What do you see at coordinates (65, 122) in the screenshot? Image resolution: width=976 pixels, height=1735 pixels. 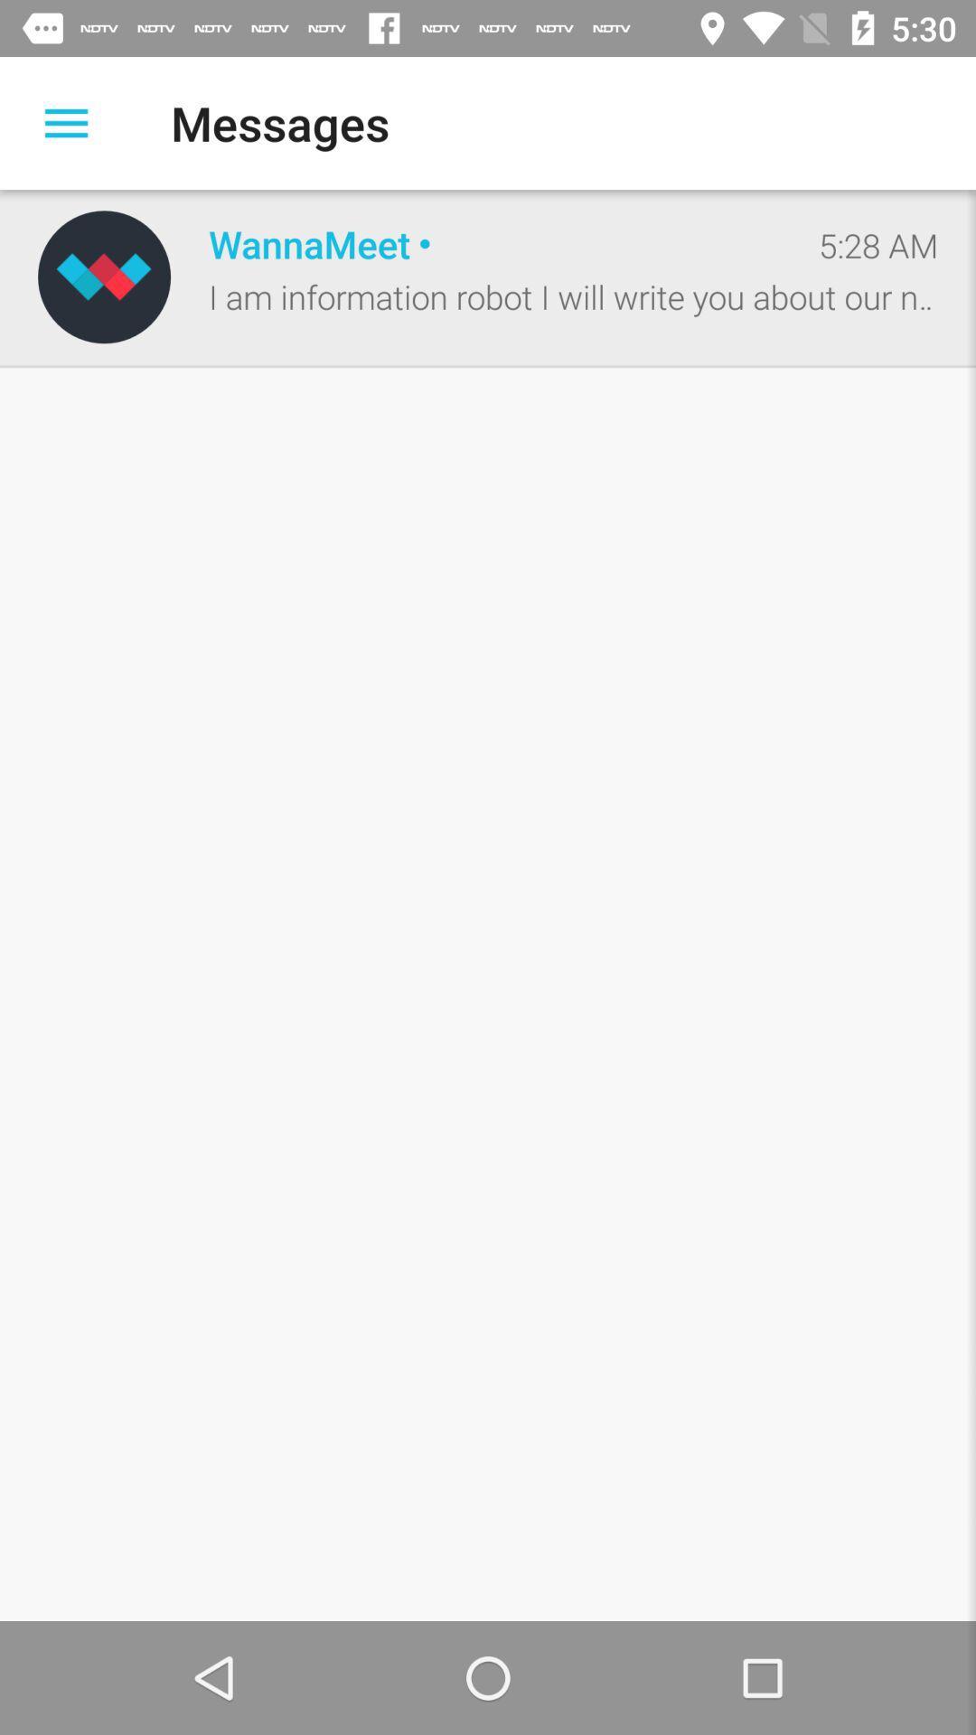 I see `options` at bounding box center [65, 122].